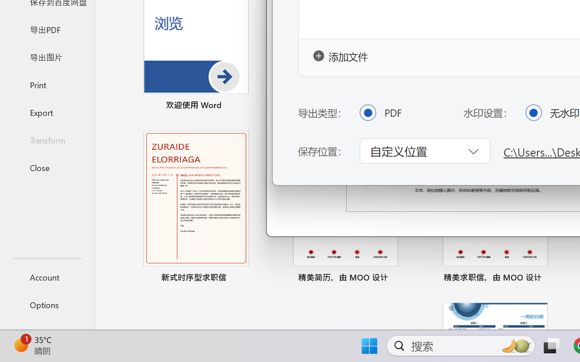 Image resolution: width=580 pixels, height=362 pixels. Describe the element at coordinates (47, 139) in the screenshot. I see `'Transform'` at that location.